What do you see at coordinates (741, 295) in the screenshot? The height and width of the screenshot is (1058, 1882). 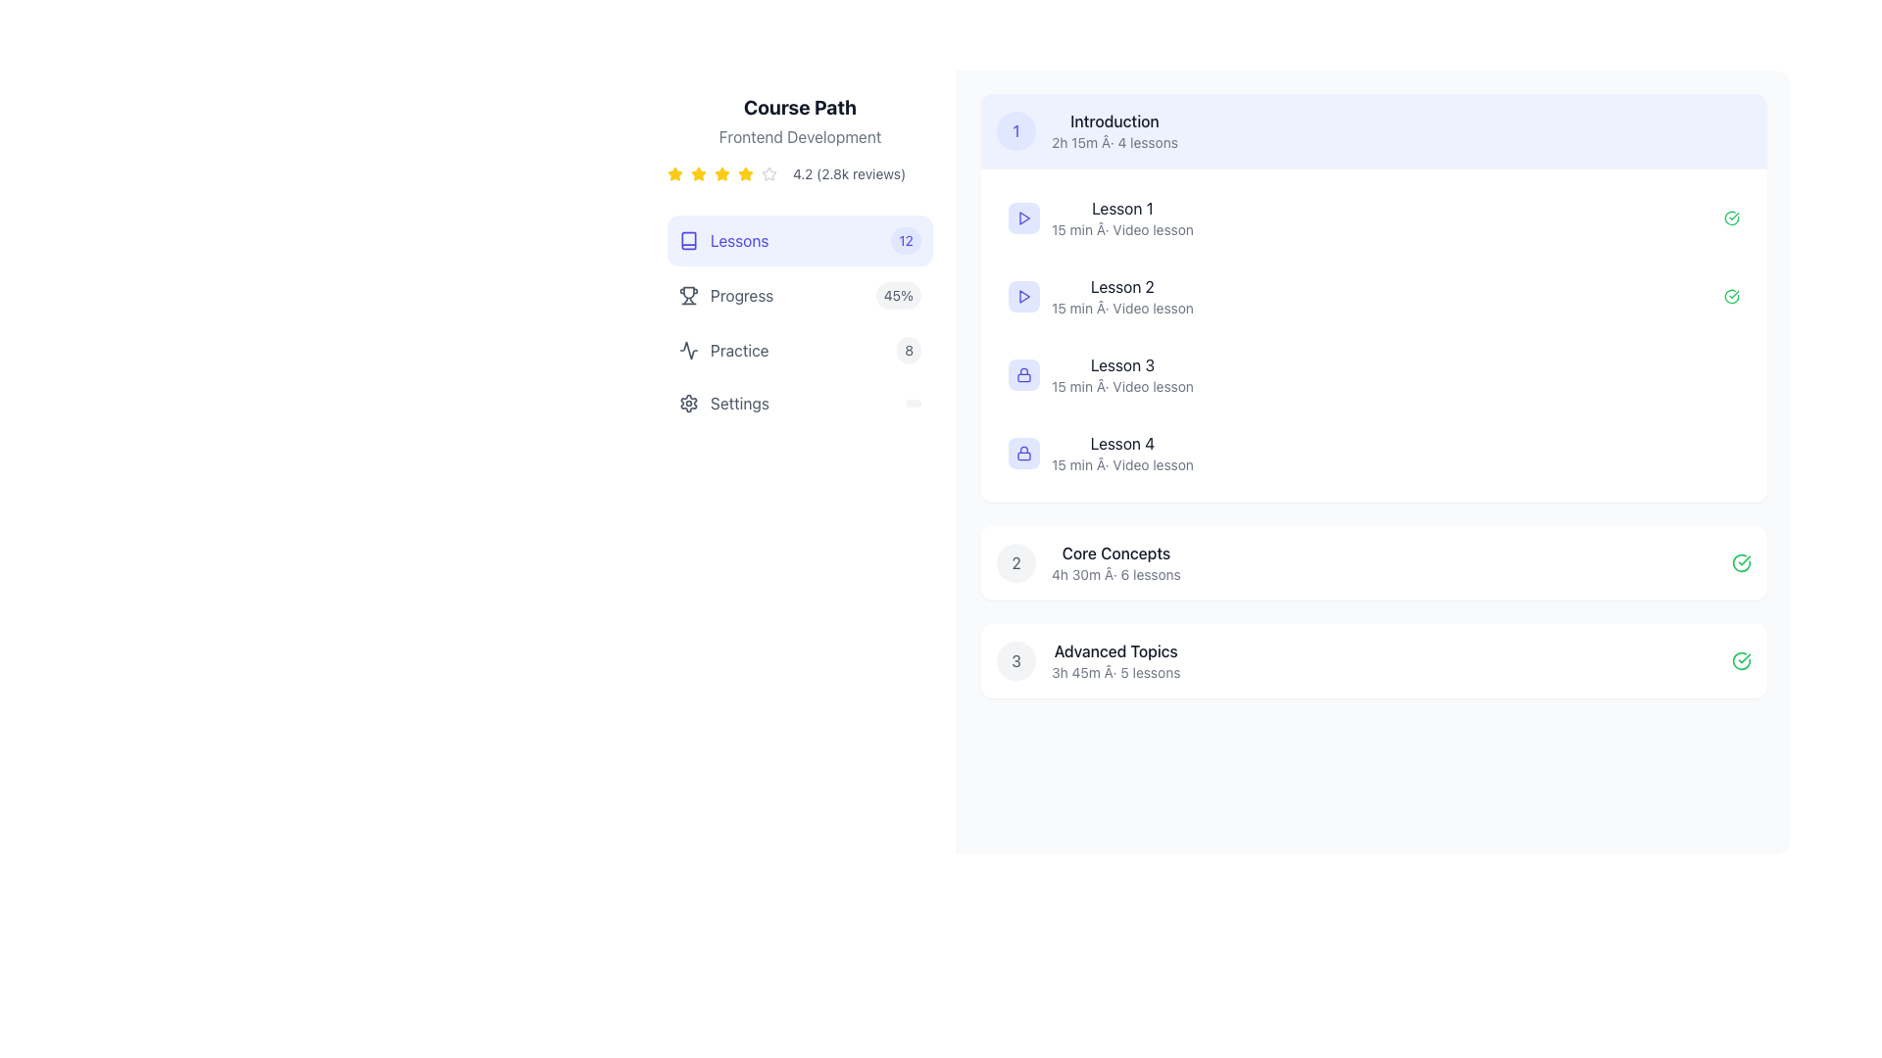 I see `the second Text label in the navigation menu that indicates tracking the progress of a course, located below the 'Lessons' item and above the 'Practice' item` at bounding box center [741, 295].